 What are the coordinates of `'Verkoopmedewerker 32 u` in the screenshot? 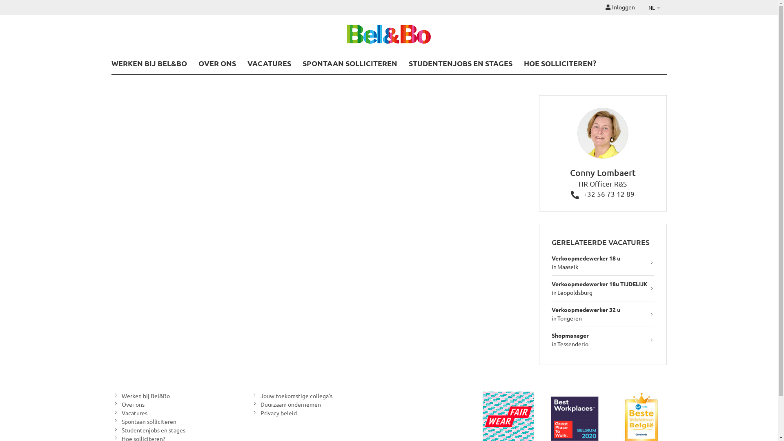 It's located at (603, 314).